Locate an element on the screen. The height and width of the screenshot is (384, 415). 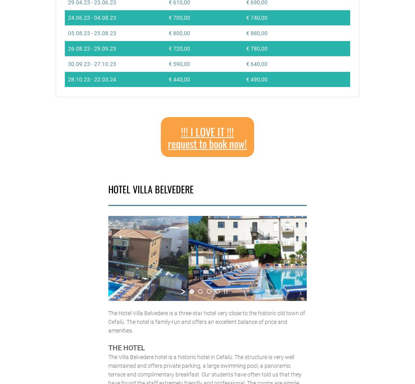
'05.08.23 - 25.08.23' is located at coordinates (68, 32).